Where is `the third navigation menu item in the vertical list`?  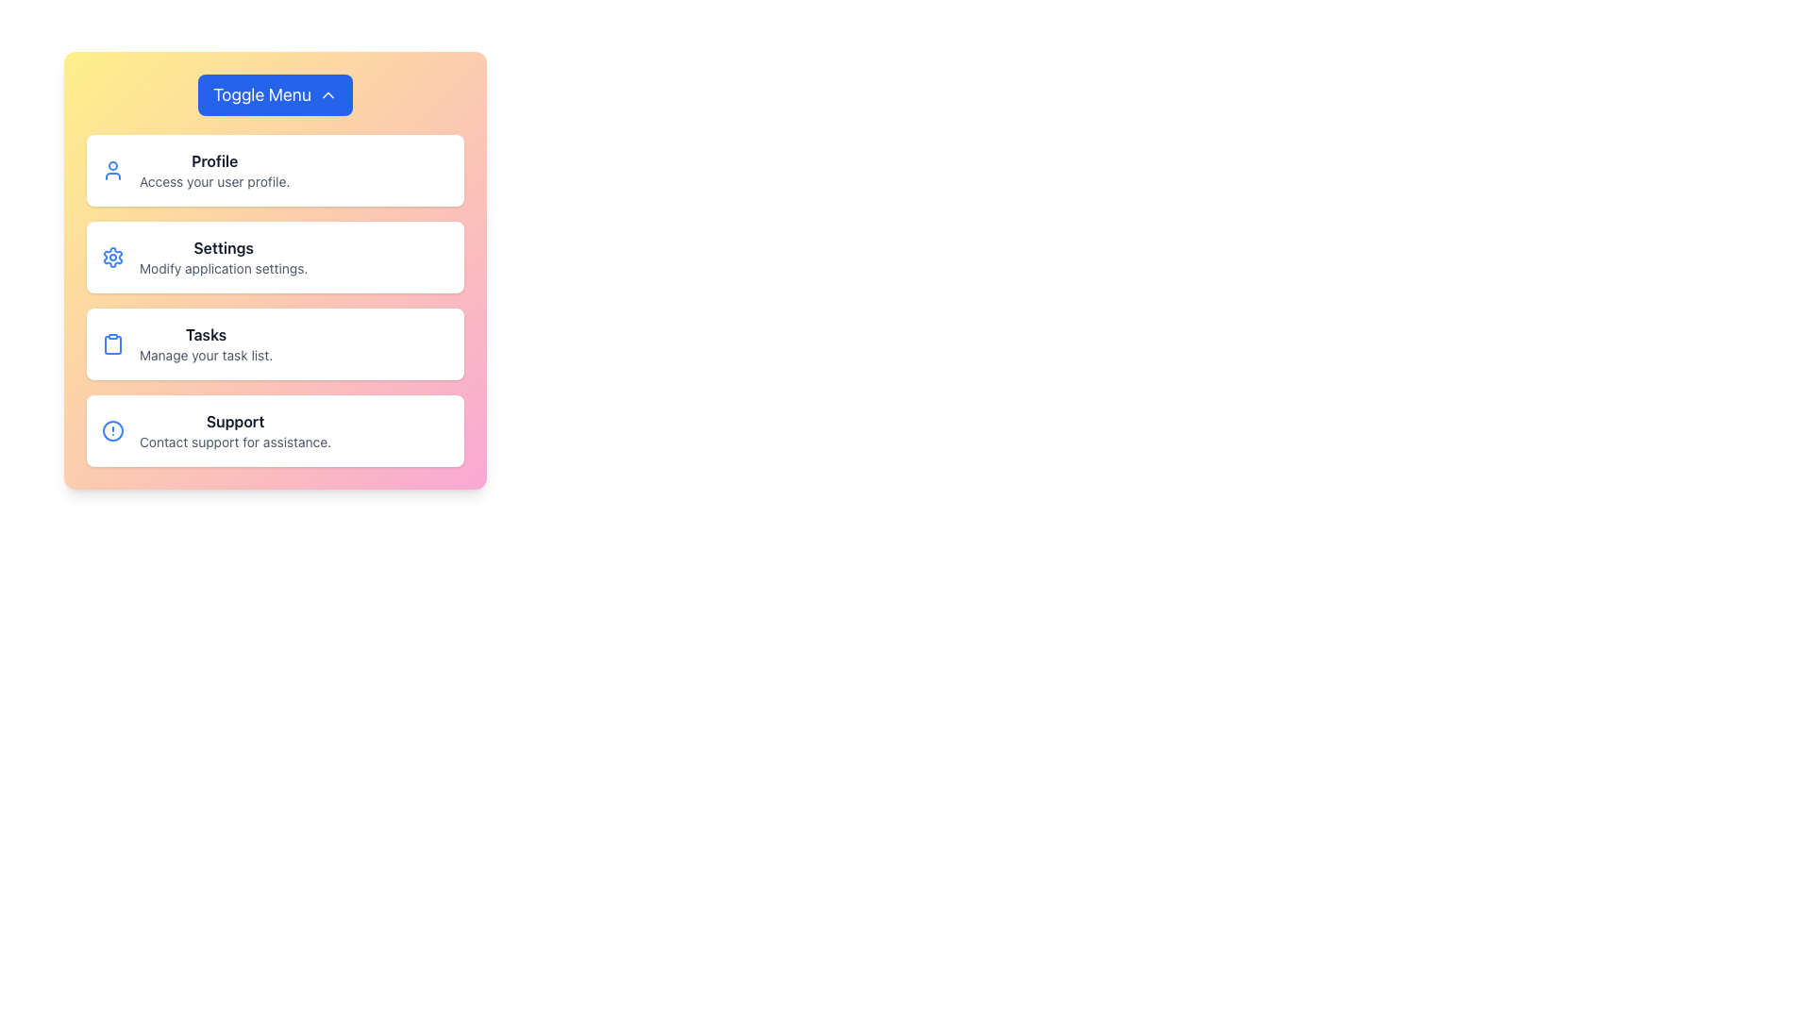
the third navigation menu item in the vertical list is located at coordinates (275, 344).